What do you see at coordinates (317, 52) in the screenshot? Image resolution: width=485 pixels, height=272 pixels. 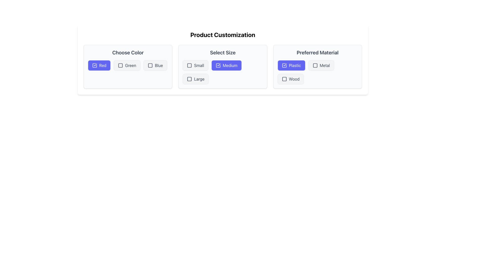 I see `the 'Preferred Material' label, which is located at the top of the rightmost card in a three-card layout` at bounding box center [317, 52].